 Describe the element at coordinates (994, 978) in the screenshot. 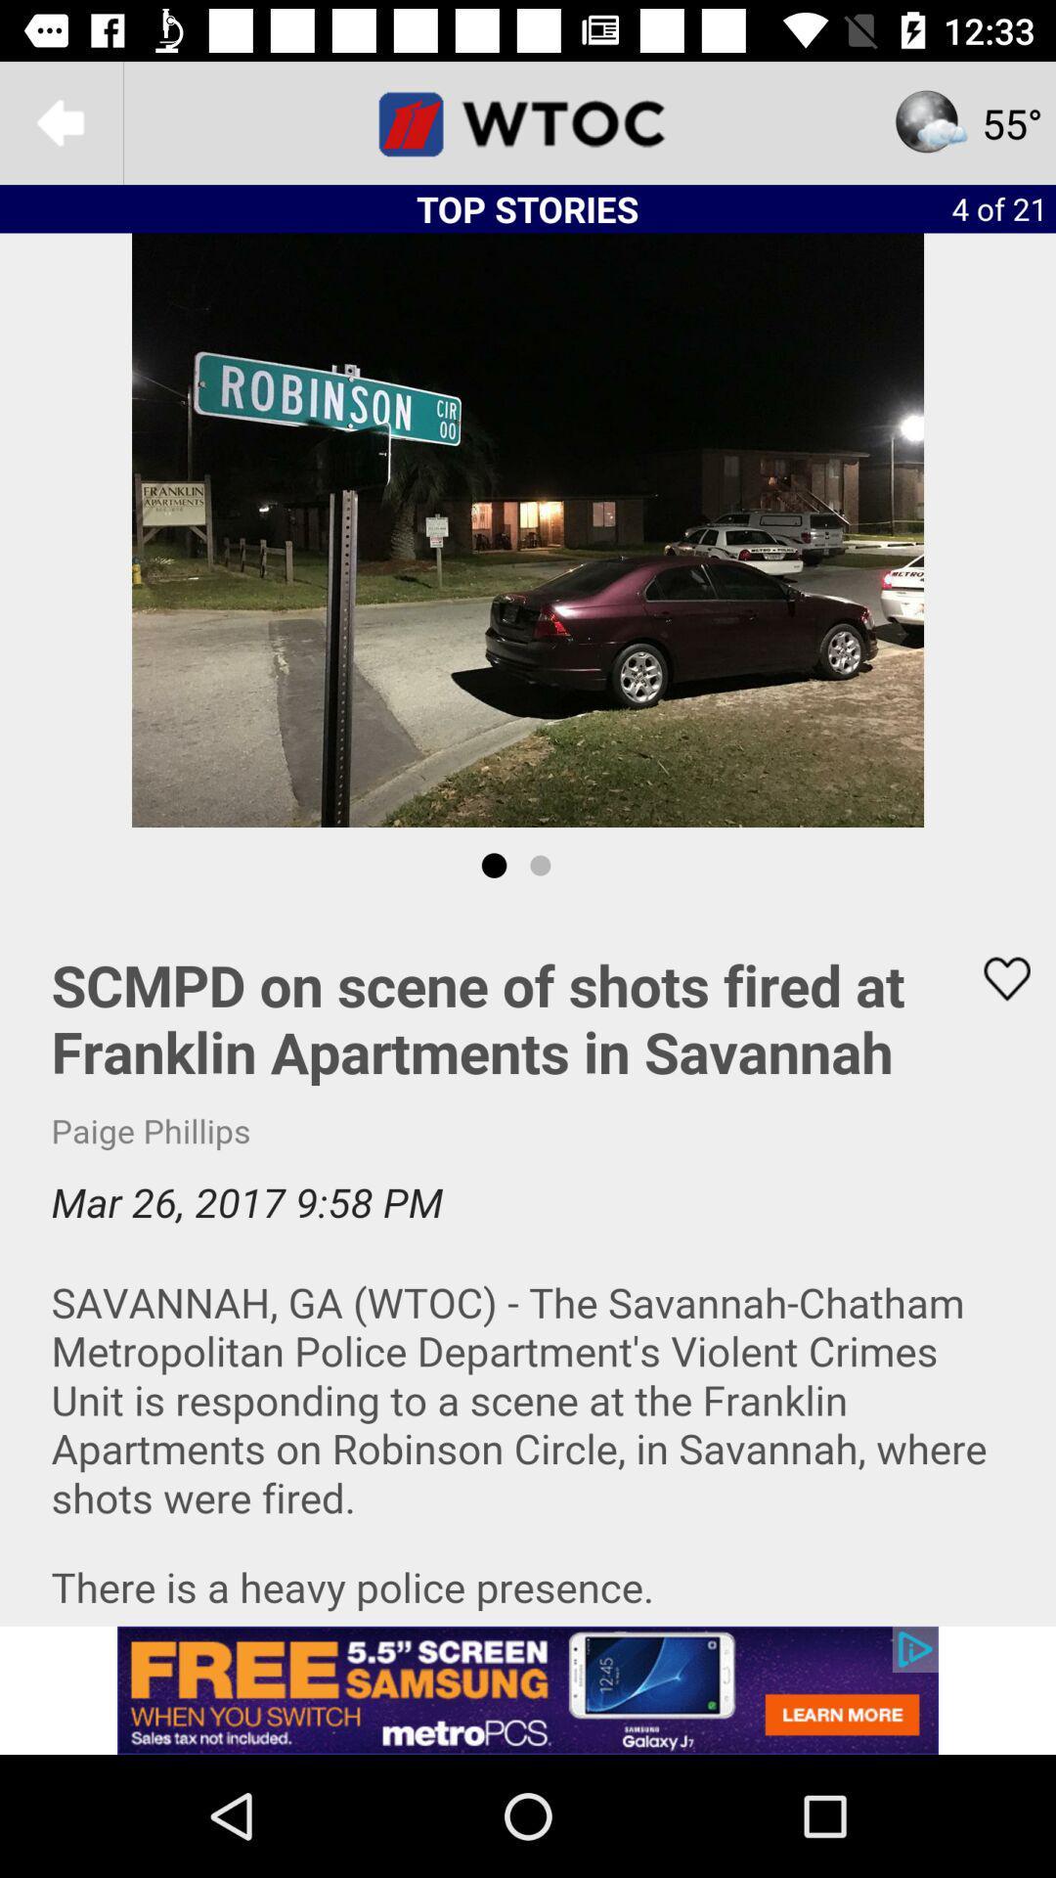

I see `to favorites` at that location.